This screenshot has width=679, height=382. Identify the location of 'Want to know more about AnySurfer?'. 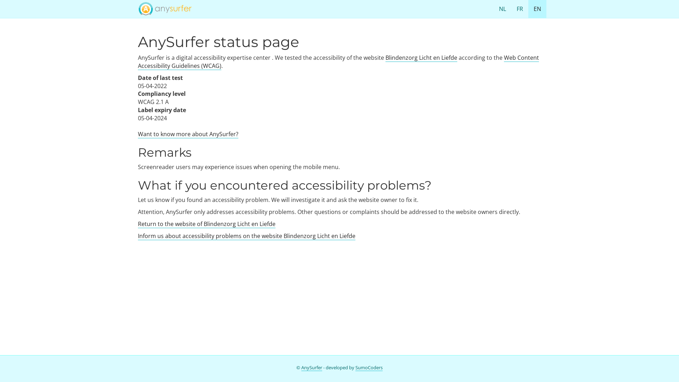
(188, 134).